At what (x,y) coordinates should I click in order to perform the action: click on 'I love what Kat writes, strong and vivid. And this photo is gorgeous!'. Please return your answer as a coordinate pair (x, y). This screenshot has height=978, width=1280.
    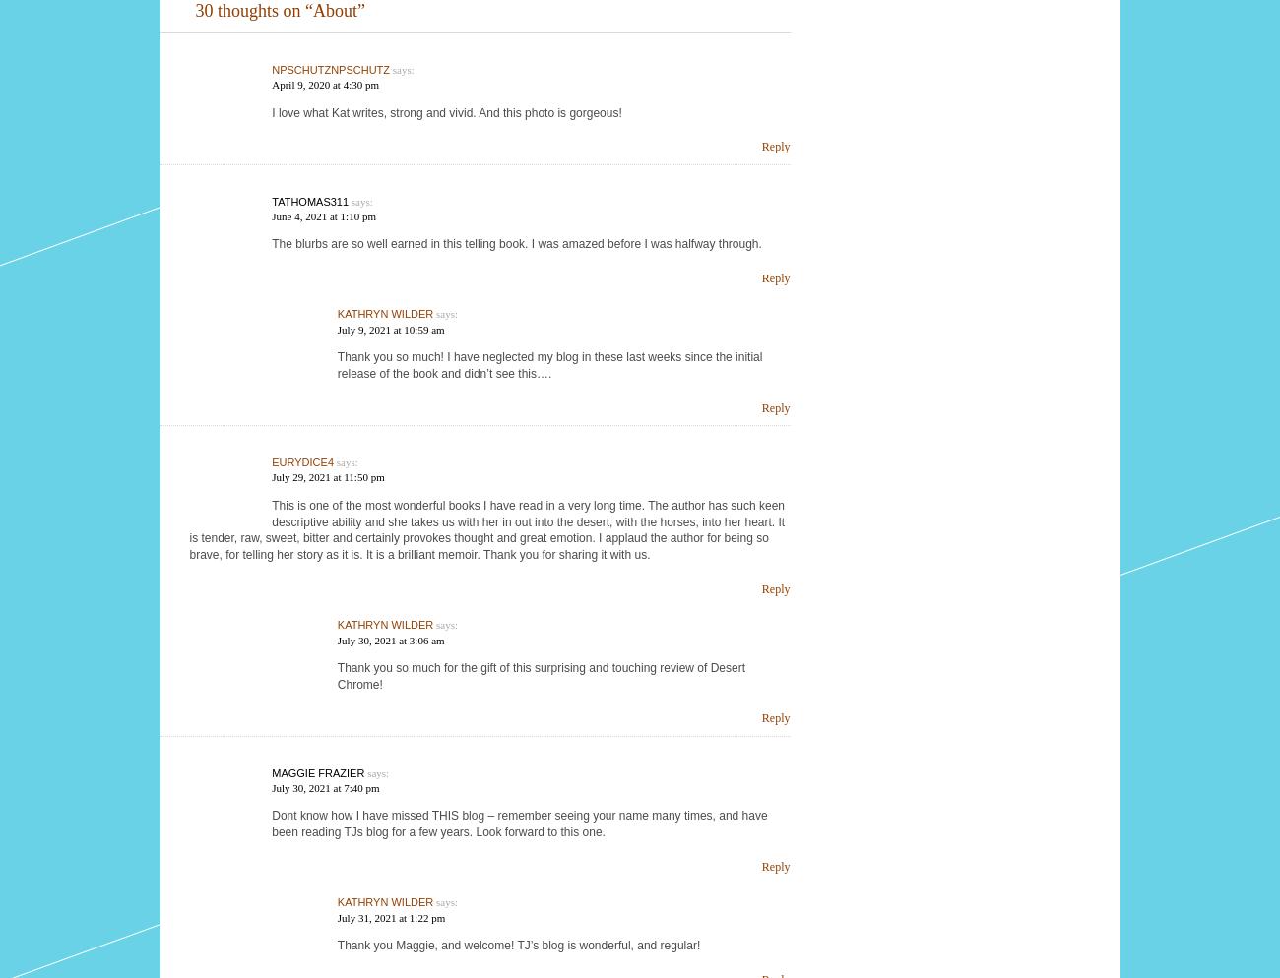
    Looking at the image, I should click on (445, 111).